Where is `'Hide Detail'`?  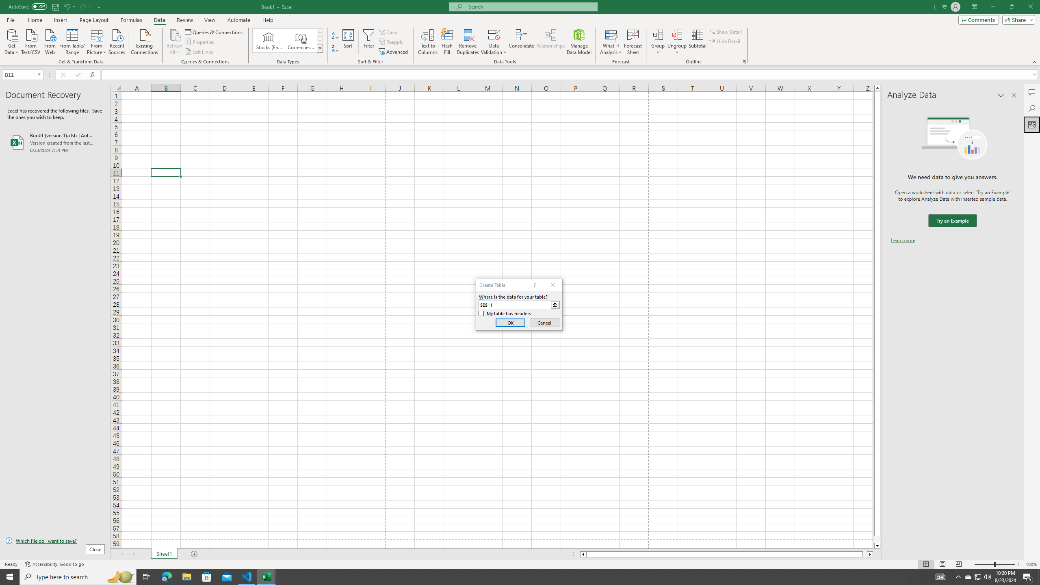
'Hide Detail' is located at coordinates (725, 40).